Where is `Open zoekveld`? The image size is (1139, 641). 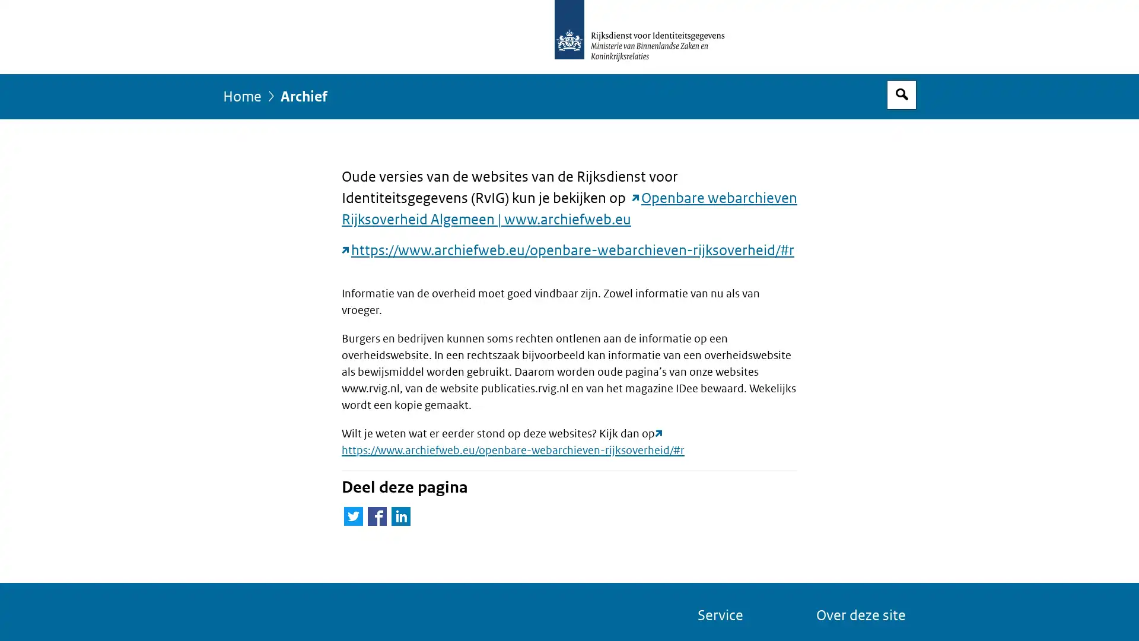
Open zoekveld is located at coordinates (902, 94).